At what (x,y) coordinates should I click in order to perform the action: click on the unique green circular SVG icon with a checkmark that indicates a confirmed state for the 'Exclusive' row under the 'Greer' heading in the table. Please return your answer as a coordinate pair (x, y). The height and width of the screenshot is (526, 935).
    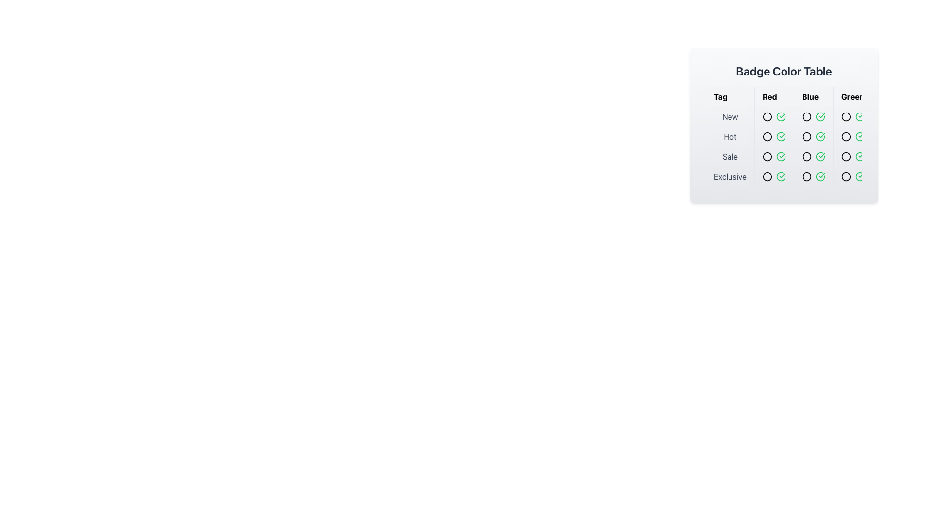
    Looking at the image, I should click on (860, 176).